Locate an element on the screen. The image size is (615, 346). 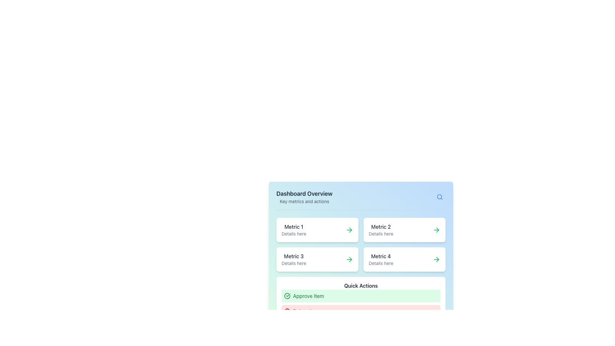
the magnifying glass icon button located in the top right corner of the blue header section is located at coordinates (439, 196).